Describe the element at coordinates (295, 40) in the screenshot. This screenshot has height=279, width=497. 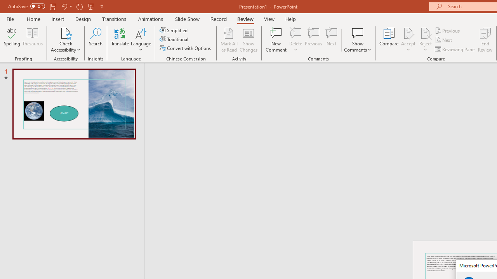
I see `'Delete'` at that location.